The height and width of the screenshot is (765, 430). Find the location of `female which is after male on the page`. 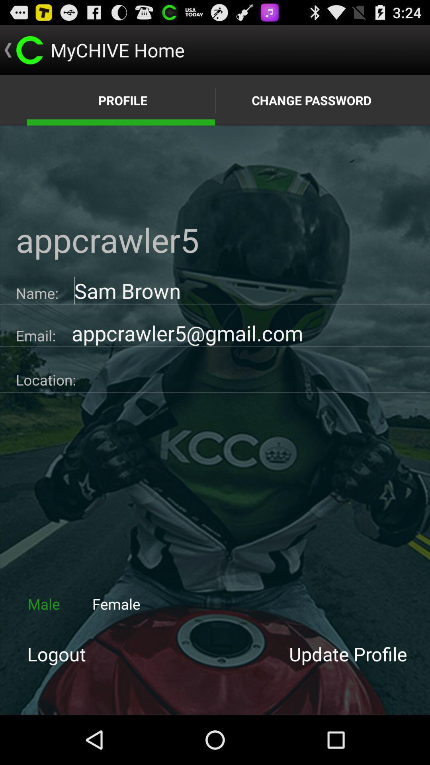

female which is after male on the page is located at coordinates (116, 604).